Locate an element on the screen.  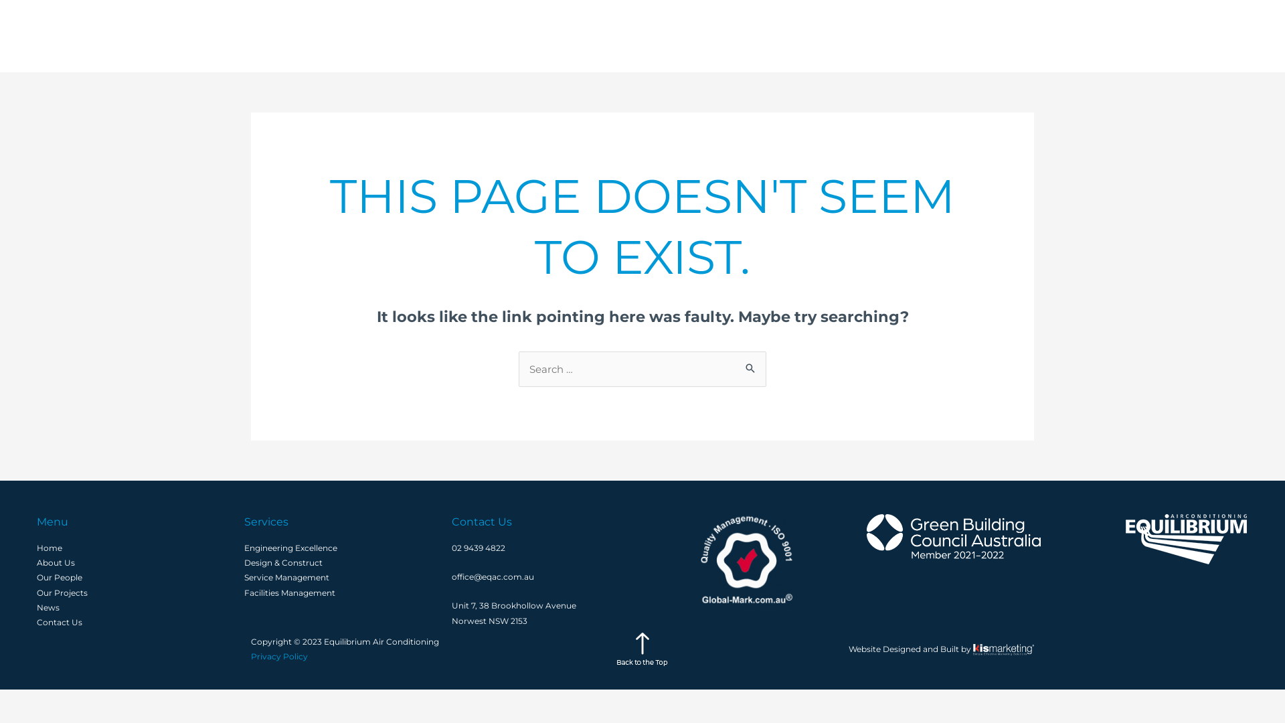
'We Offer' is located at coordinates (846, 35).